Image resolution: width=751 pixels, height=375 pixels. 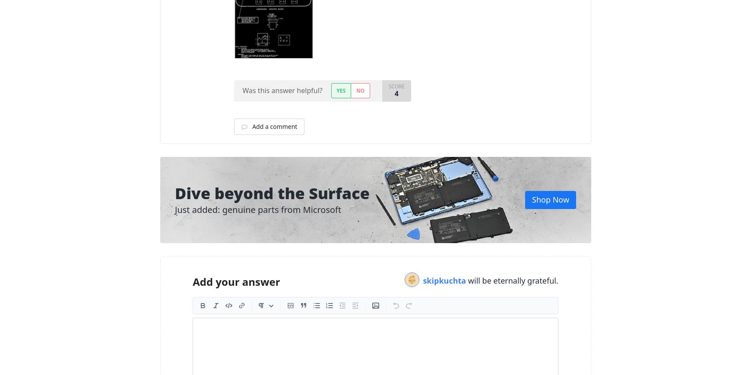 What do you see at coordinates (396, 86) in the screenshot?
I see `'Score'` at bounding box center [396, 86].